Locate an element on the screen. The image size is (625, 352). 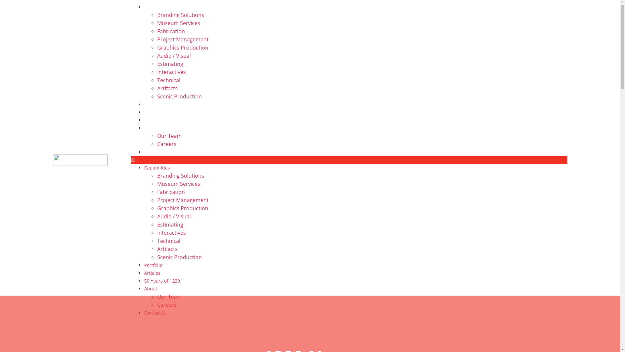
'About' is located at coordinates (150, 128).